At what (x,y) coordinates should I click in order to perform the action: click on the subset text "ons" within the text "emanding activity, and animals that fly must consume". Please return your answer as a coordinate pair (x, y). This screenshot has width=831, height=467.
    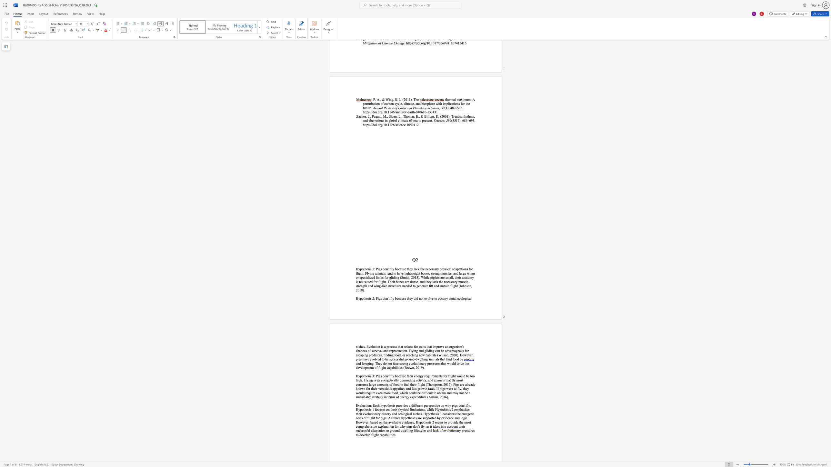
    Looking at the image, I should click on (357, 384).